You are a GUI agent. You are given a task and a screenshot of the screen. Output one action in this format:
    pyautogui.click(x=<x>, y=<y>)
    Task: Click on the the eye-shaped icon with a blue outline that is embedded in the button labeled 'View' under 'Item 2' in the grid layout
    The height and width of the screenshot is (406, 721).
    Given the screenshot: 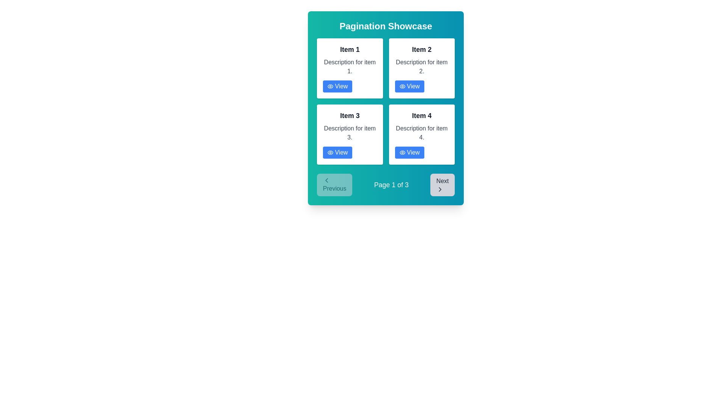 What is the action you would take?
    pyautogui.click(x=402, y=86)
    